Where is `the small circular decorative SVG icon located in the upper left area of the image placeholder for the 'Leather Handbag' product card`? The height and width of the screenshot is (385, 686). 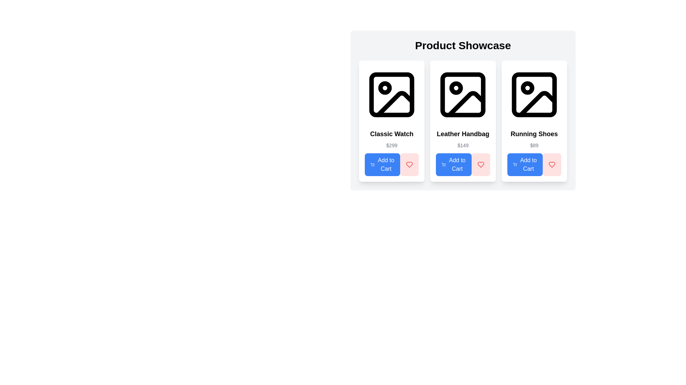 the small circular decorative SVG icon located in the upper left area of the image placeholder for the 'Leather Handbag' product card is located at coordinates (456, 88).